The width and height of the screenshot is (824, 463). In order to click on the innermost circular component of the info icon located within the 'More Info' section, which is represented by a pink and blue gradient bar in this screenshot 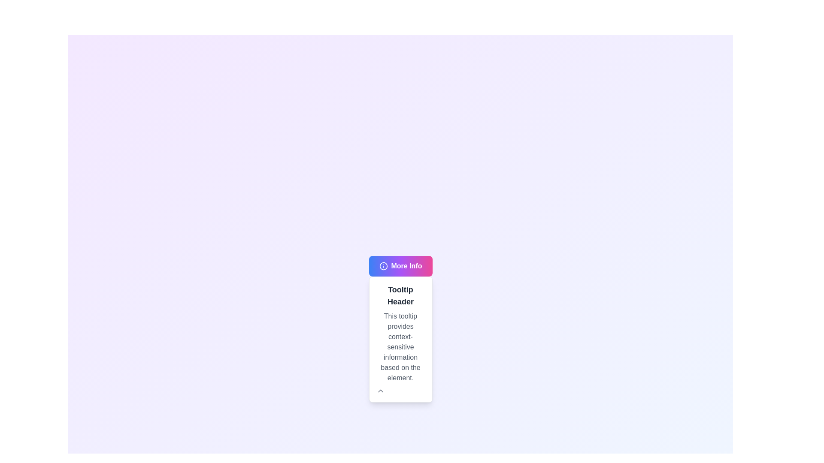, I will do `click(383, 266)`.